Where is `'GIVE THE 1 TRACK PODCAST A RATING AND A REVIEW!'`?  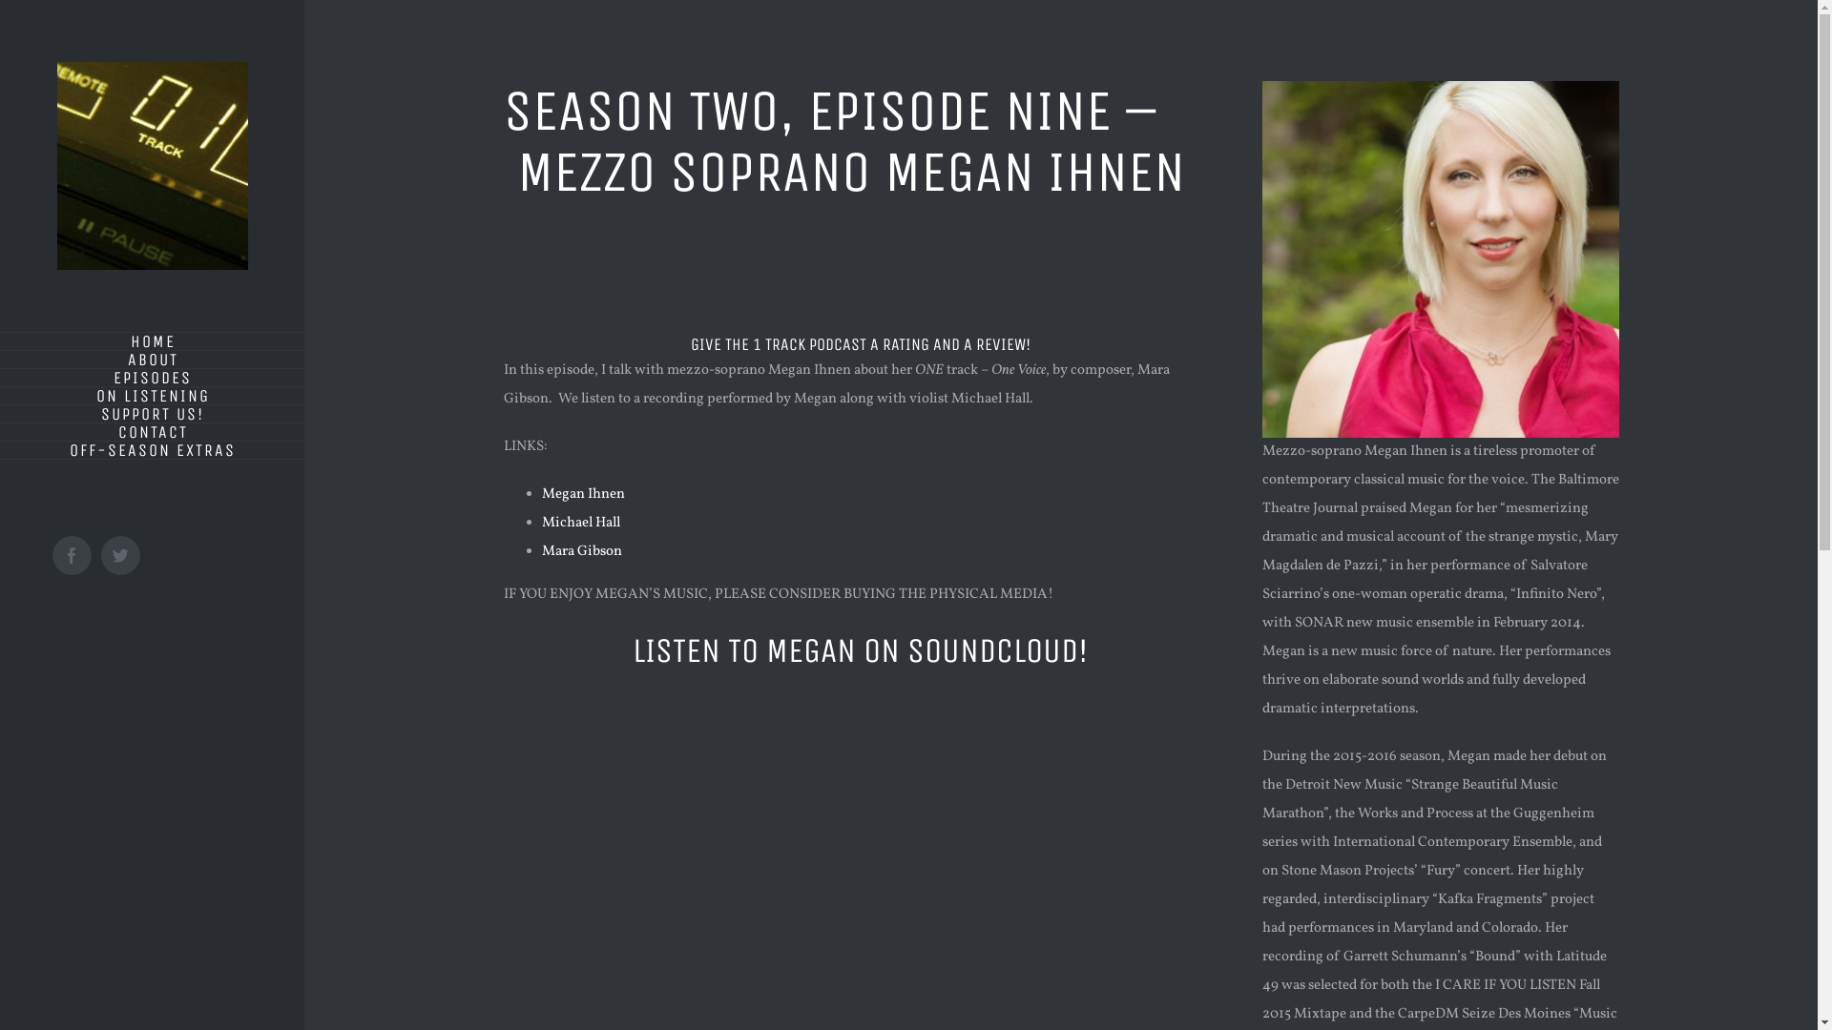 'GIVE THE 1 TRACK PODCAST A RATING AND A REVIEW!' is located at coordinates (860, 344).